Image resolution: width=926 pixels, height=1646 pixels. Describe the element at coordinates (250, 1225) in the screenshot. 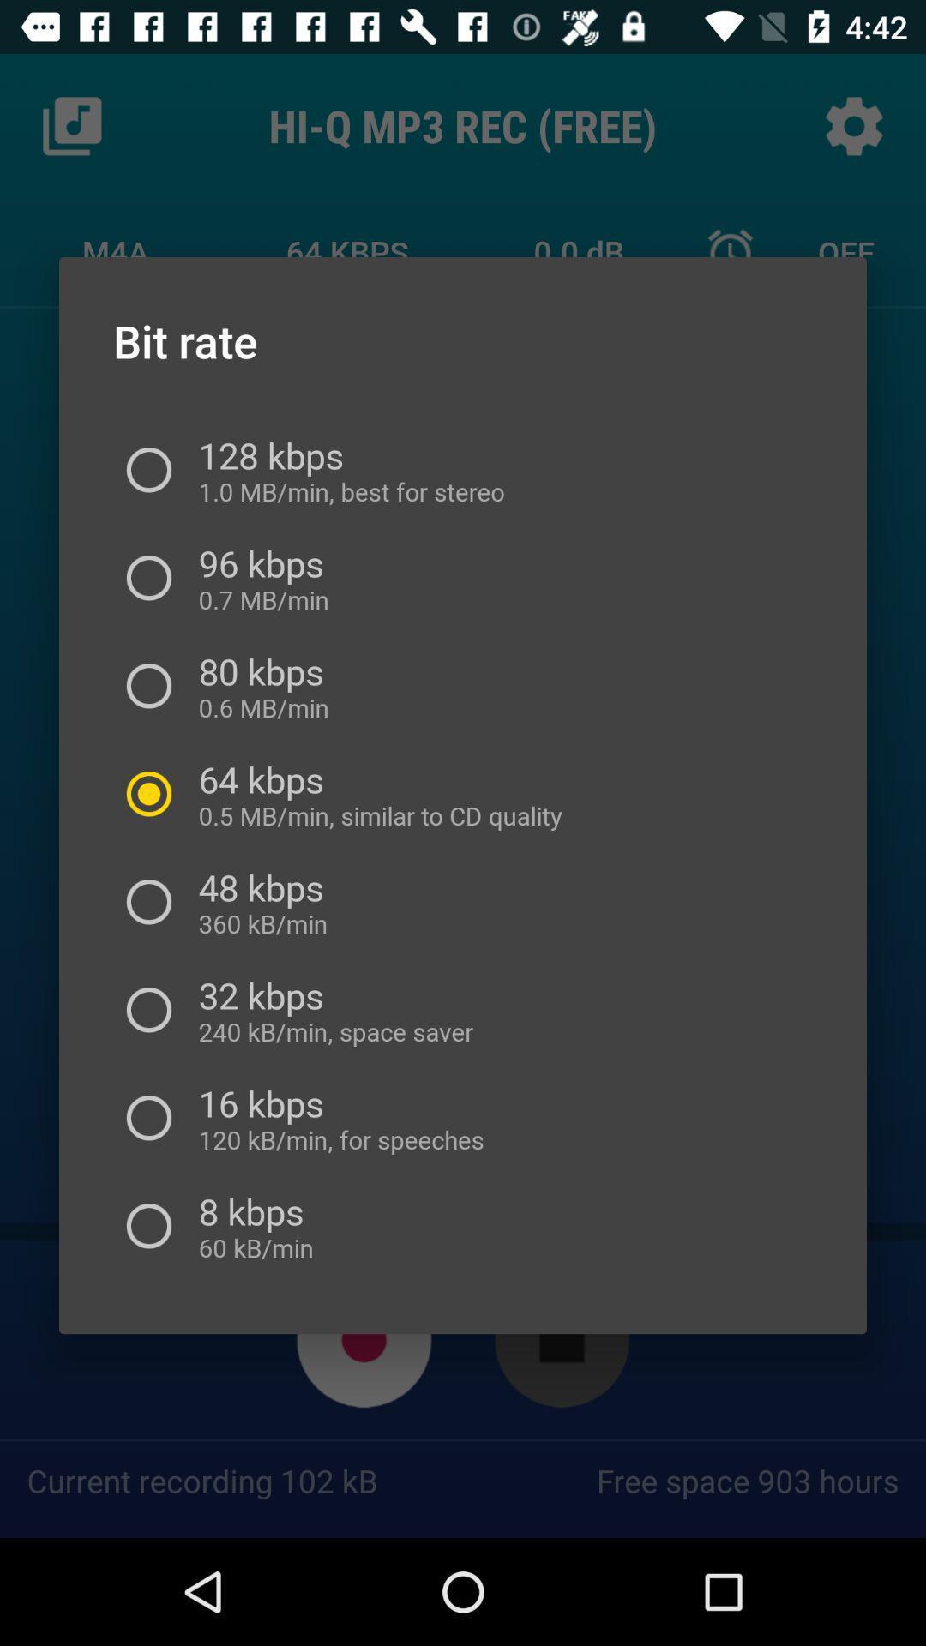

I see `the 8 kbps 60 icon` at that location.